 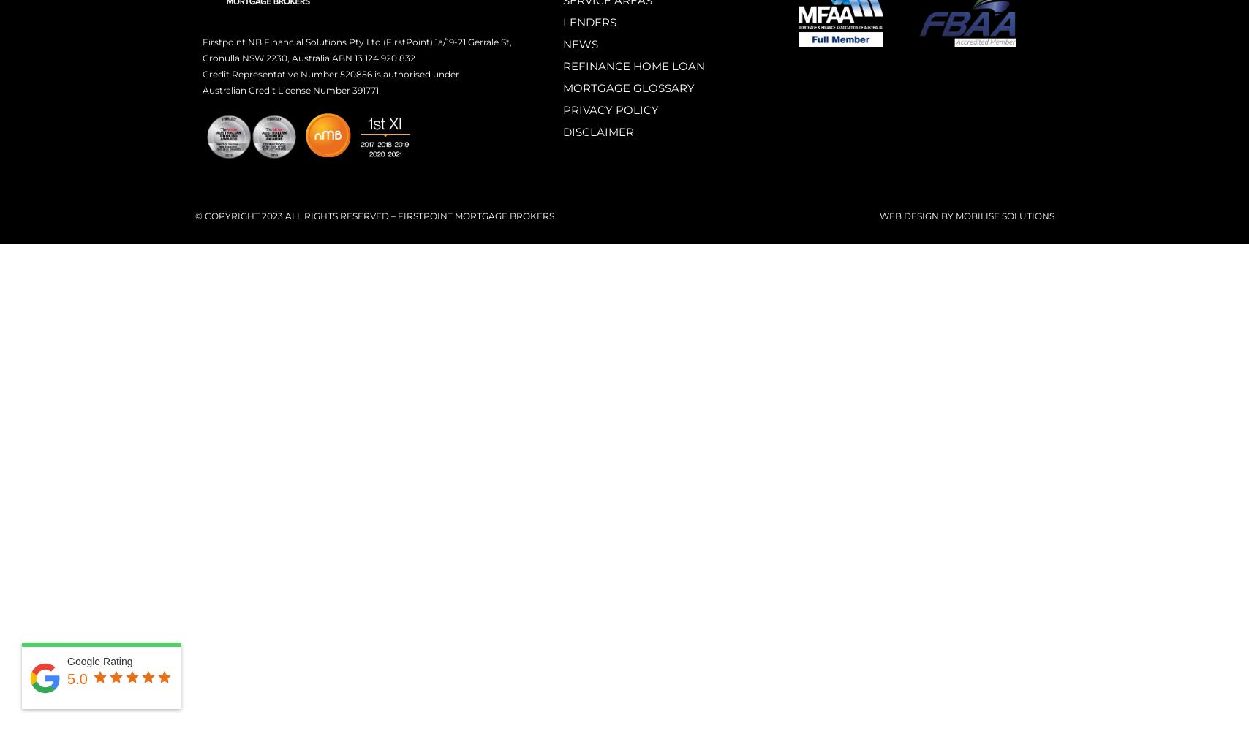 I want to click on 'Web Design', so click(x=908, y=215).